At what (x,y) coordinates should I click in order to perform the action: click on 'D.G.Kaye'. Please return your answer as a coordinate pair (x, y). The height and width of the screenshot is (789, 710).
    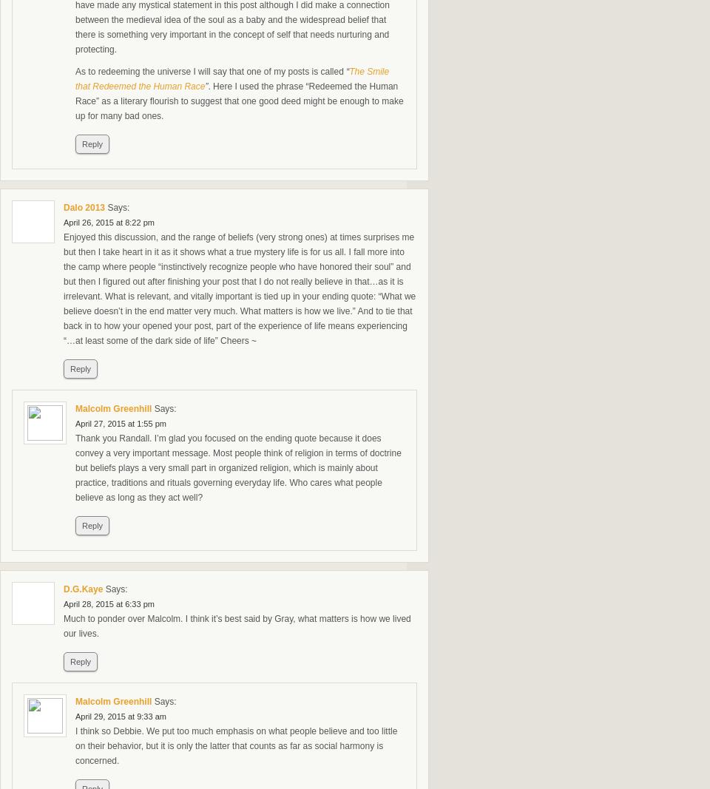
    Looking at the image, I should click on (83, 589).